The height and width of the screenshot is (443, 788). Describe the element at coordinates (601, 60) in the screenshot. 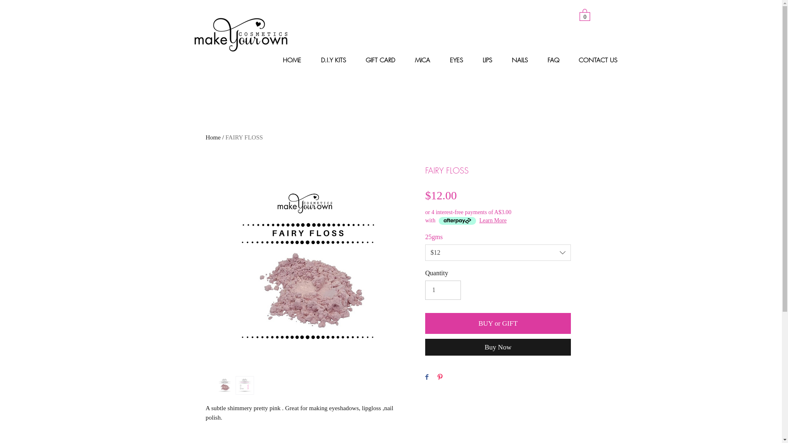

I see `'CONTACT US'` at that location.